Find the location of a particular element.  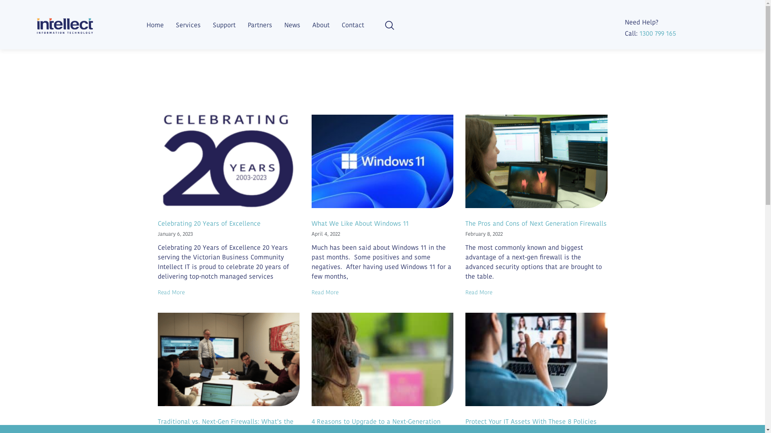

'About' is located at coordinates (320, 24).